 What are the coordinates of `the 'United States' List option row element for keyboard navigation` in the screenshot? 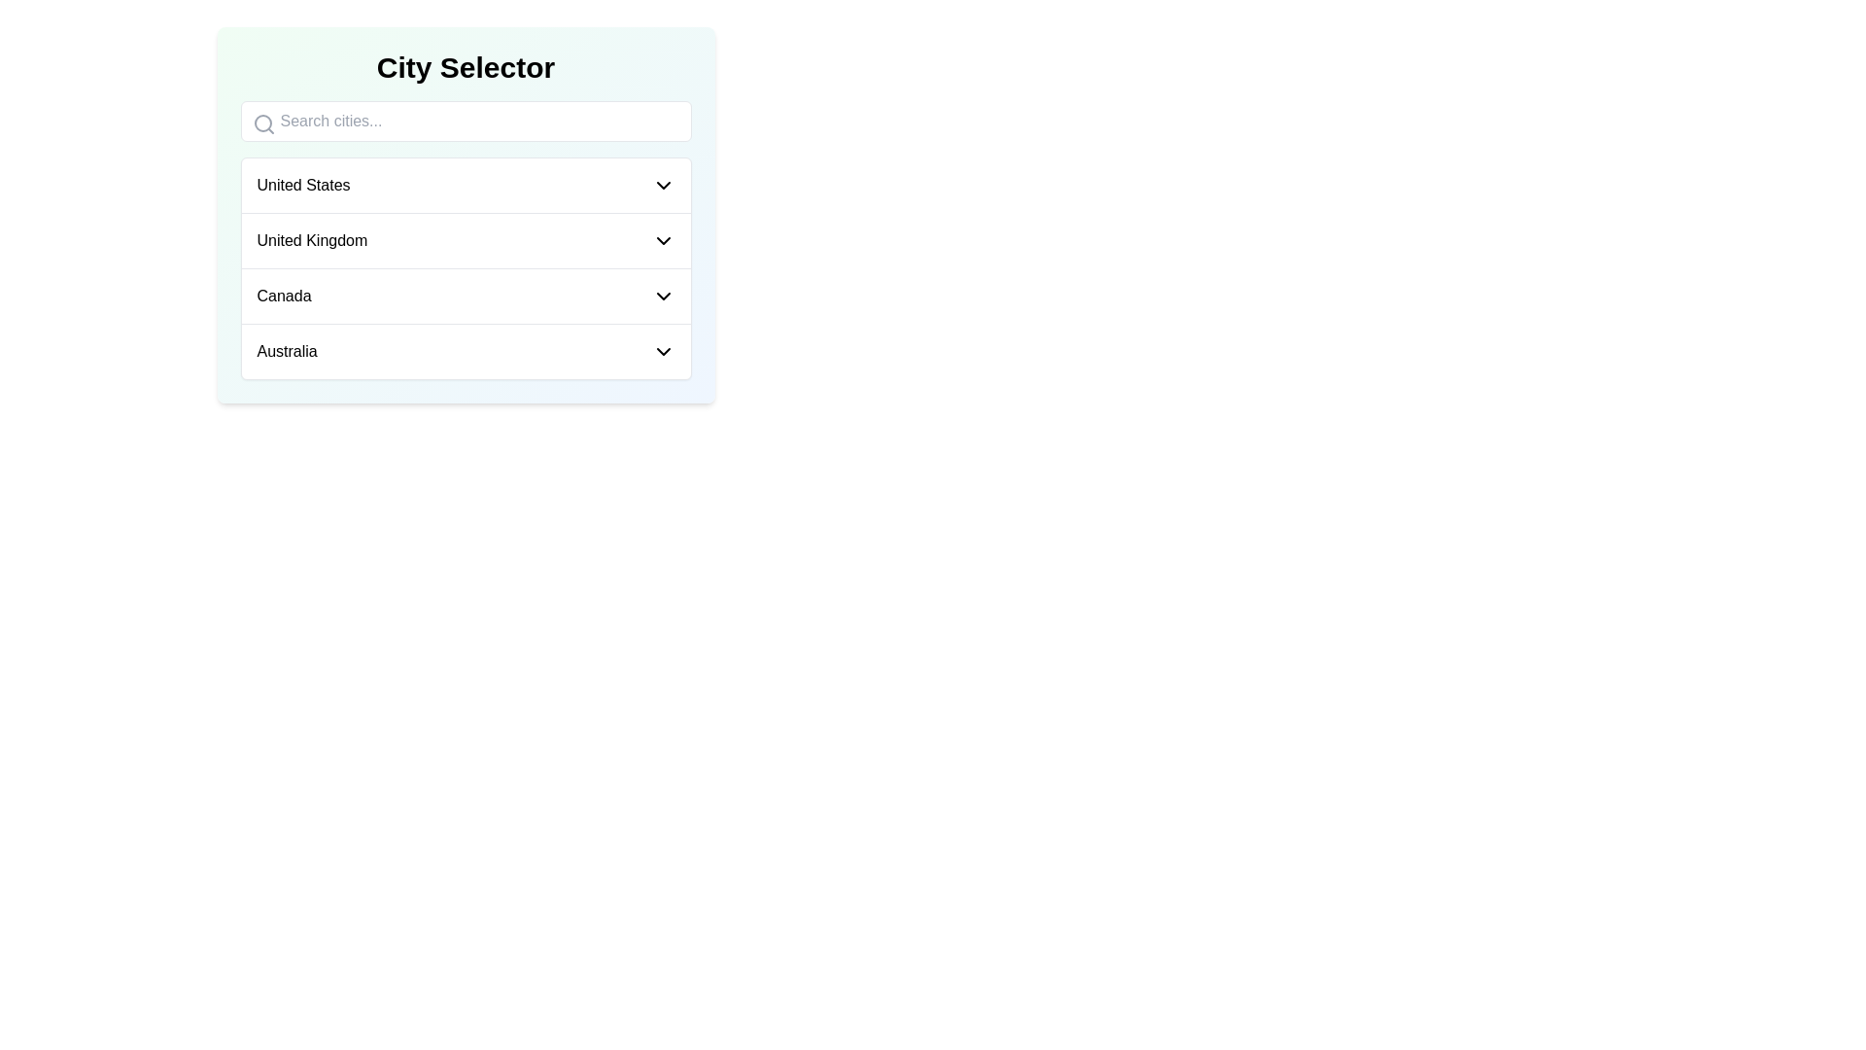 It's located at (465, 186).